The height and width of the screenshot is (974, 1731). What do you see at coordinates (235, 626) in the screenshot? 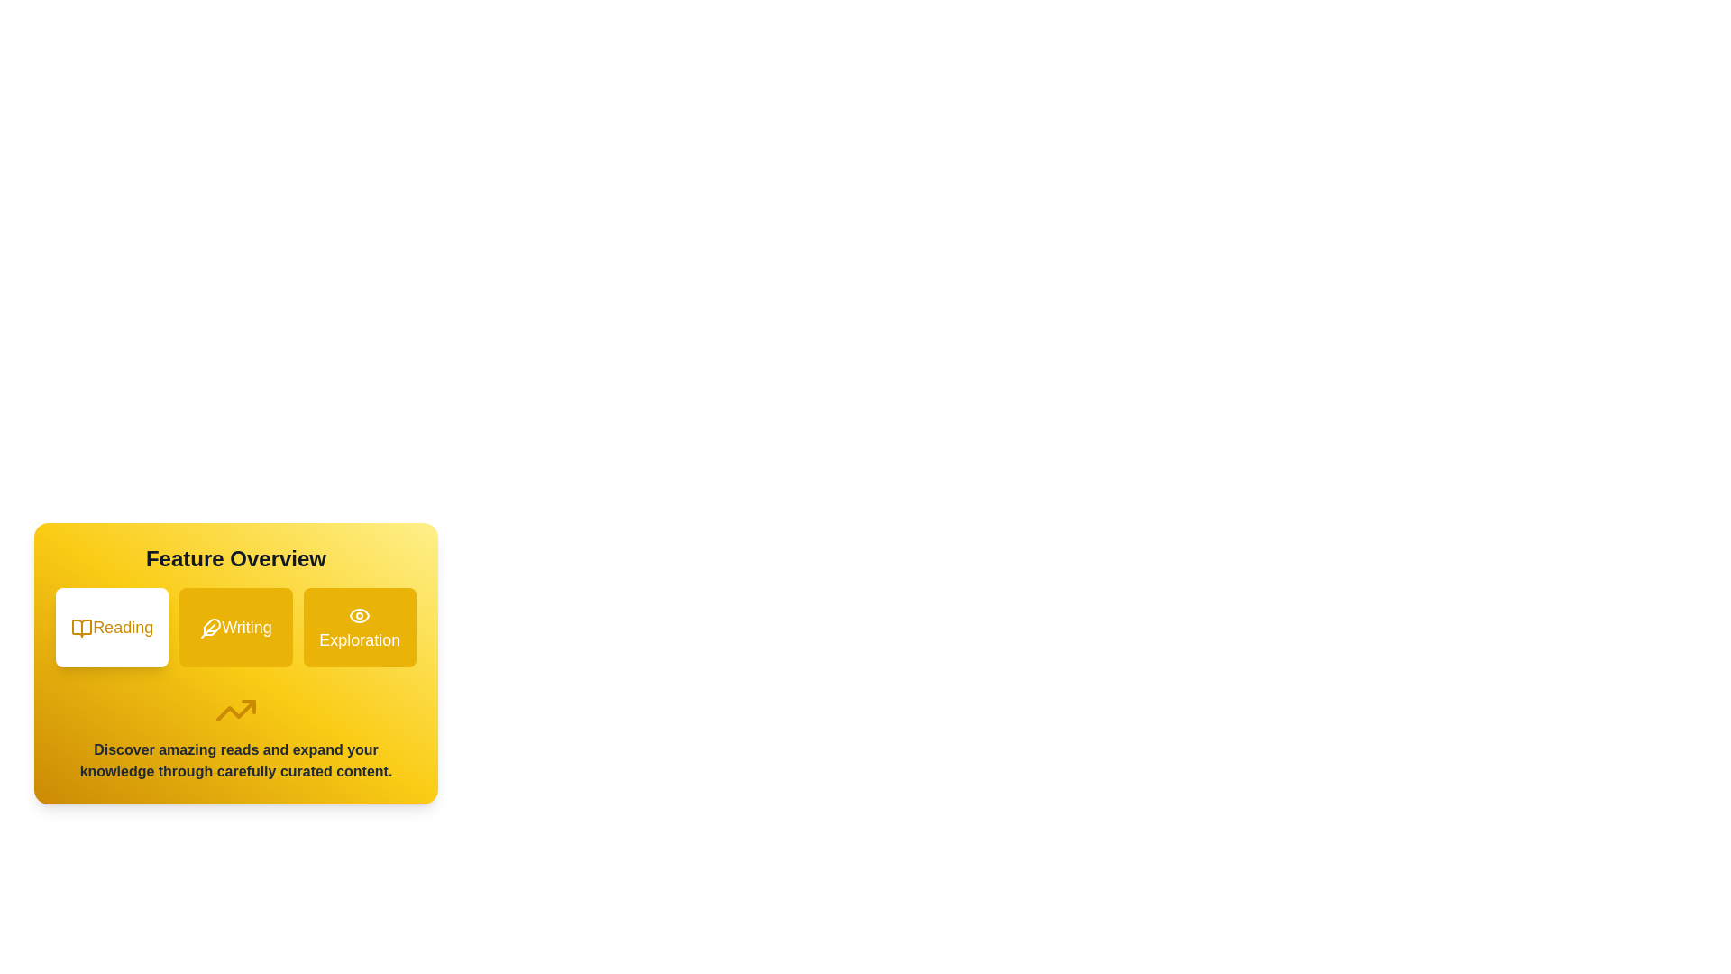
I see `the distinct rectangular button labeled 'Writing' with a yellow background and white text` at bounding box center [235, 626].